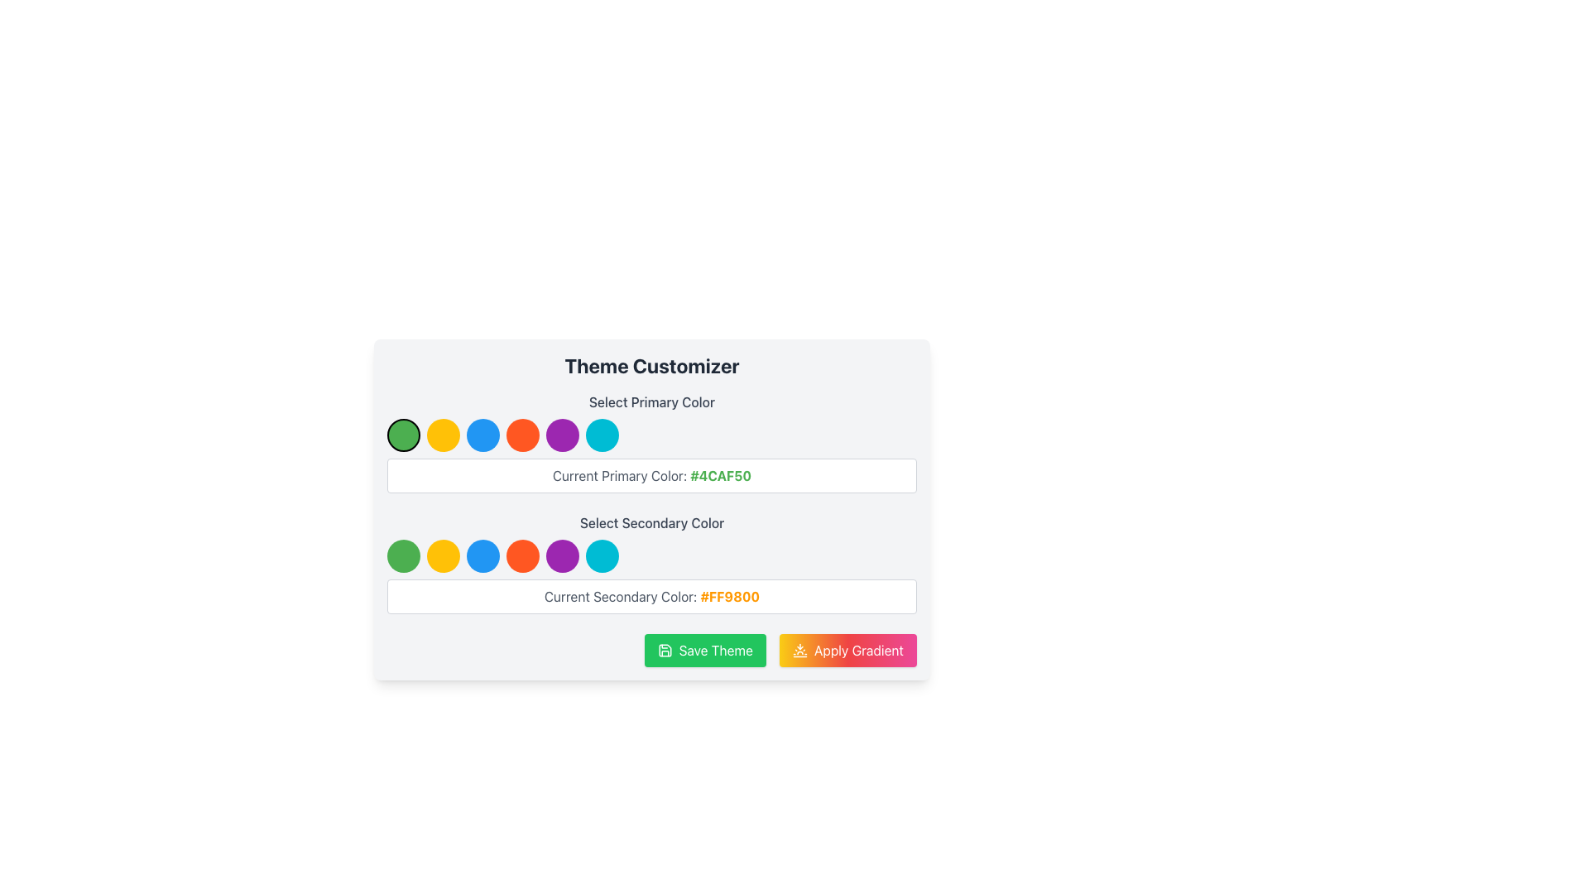  I want to click on the decorative icon located to the left of the 'Apply Gradient' button in the 'Theme Customizer' section, so click(799, 650).